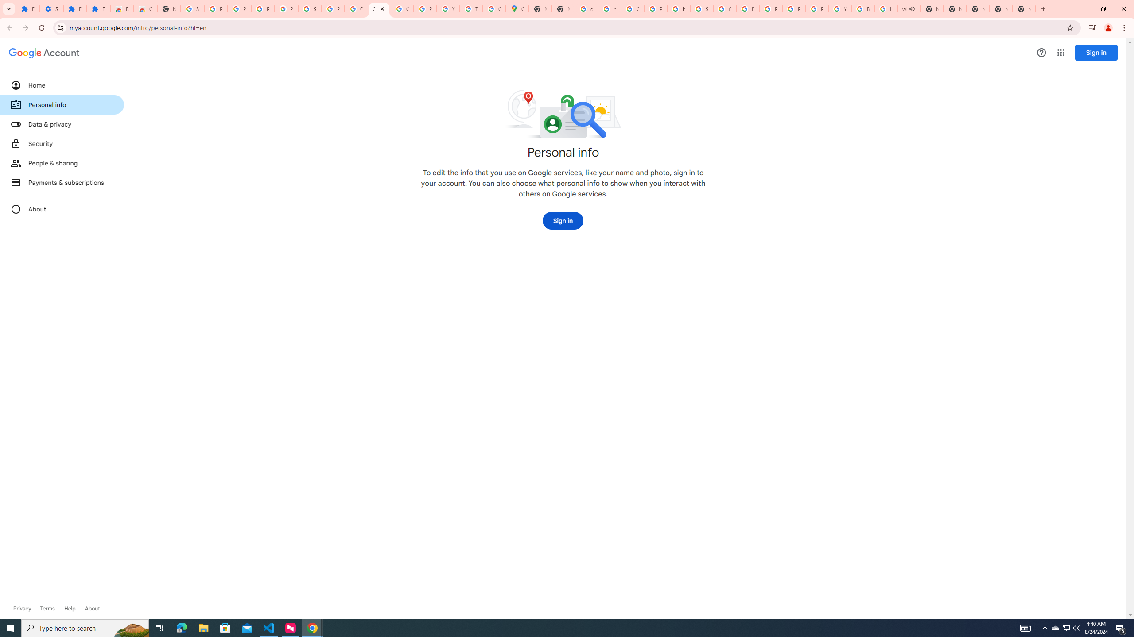 This screenshot has height=637, width=1134. I want to click on 'Sign in - Google Accounts', so click(193, 8).